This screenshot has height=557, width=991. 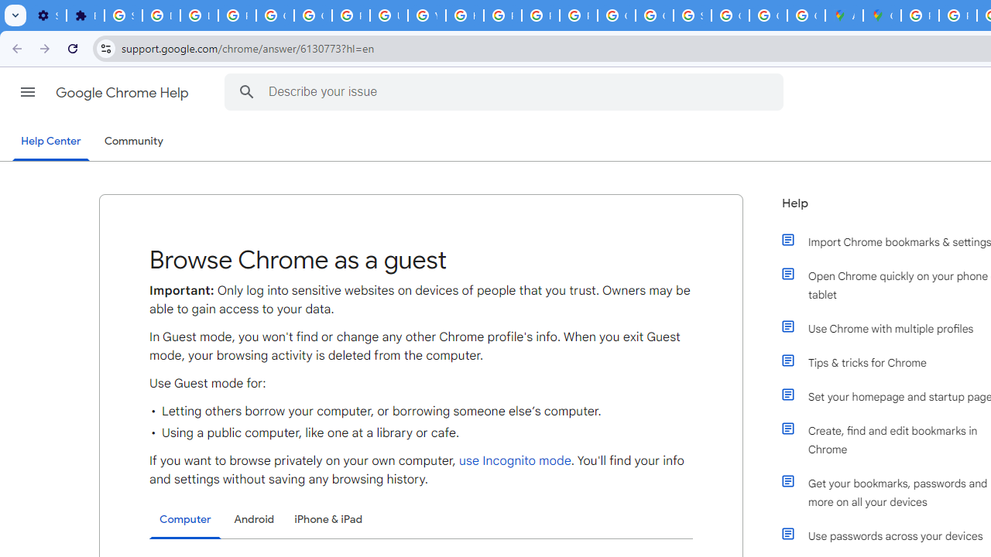 What do you see at coordinates (161, 15) in the screenshot?
I see `'Delete photos & videos - Computer - Google Photos Help'` at bounding box center [161, 15].